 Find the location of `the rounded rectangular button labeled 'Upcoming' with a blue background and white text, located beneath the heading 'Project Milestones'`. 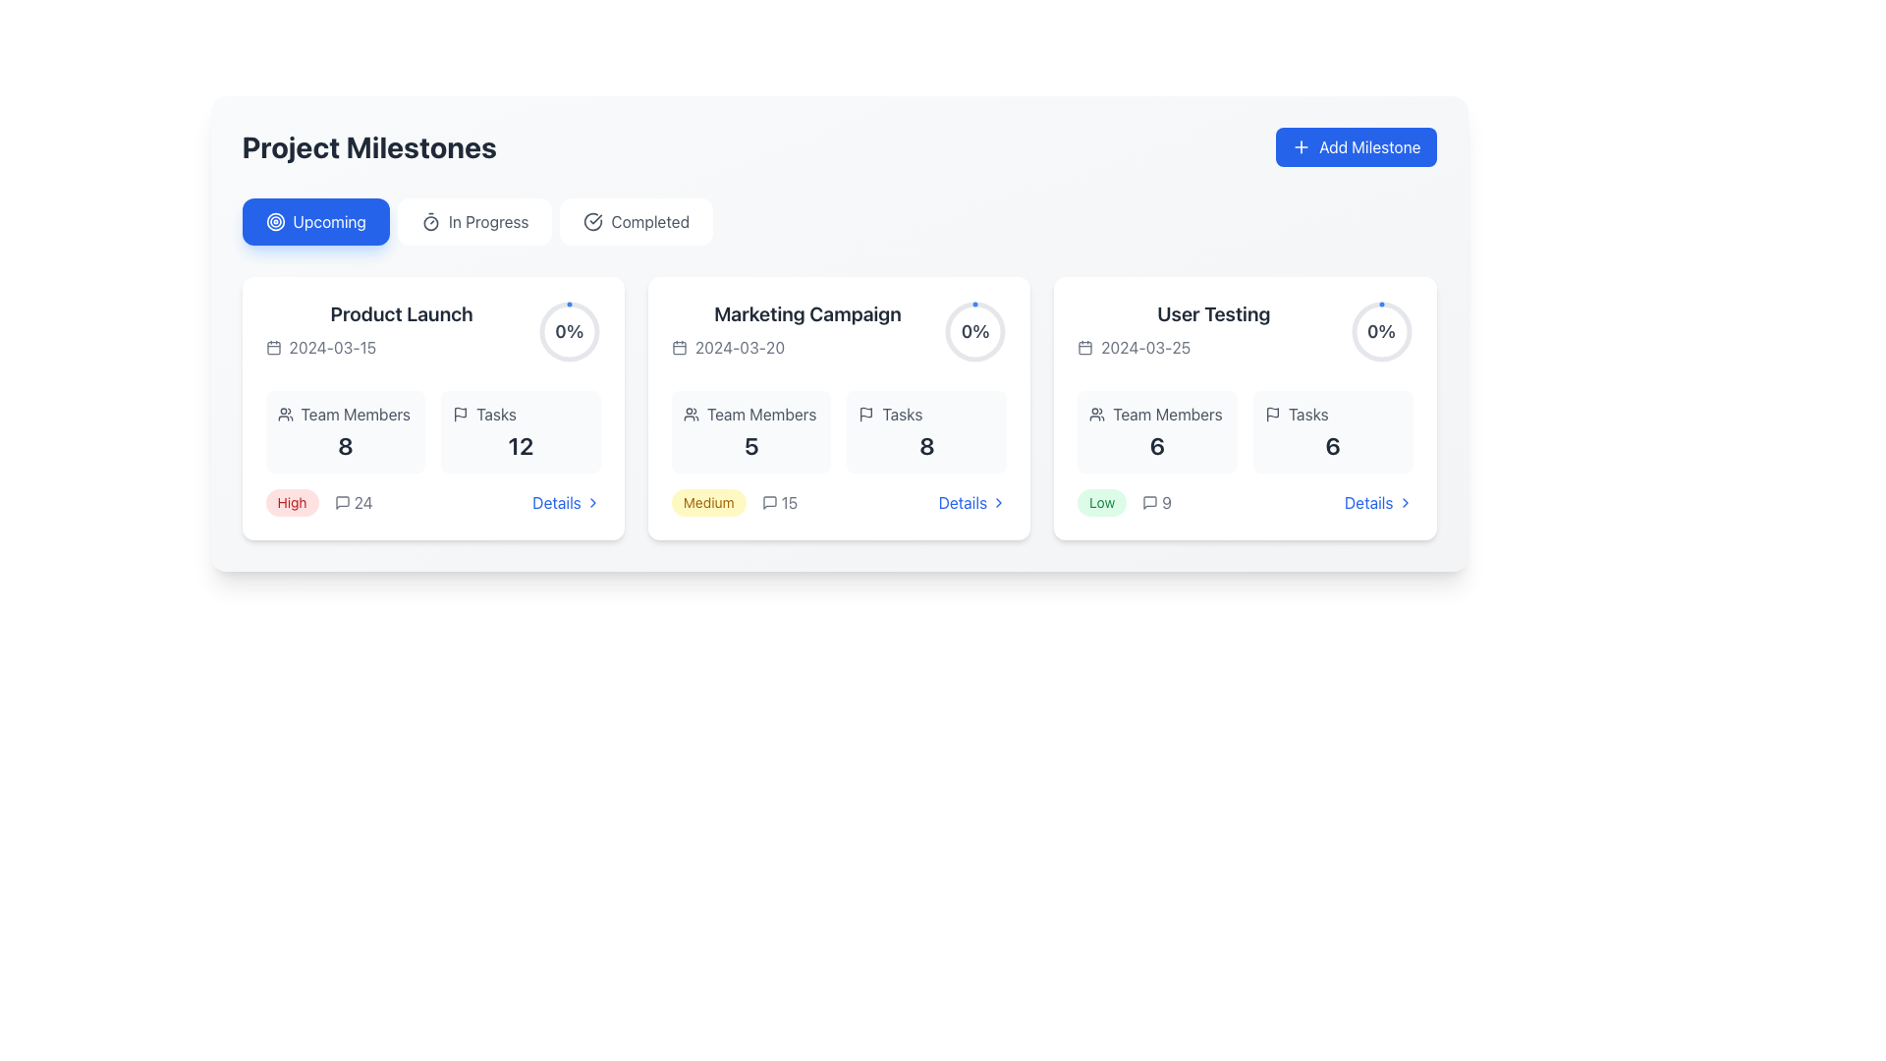

the rounded rectangular button labeled 'Upcoming' with a blue background and white text, located beneath the heading 'Project Milestones' is located at coordinates (315, 221).